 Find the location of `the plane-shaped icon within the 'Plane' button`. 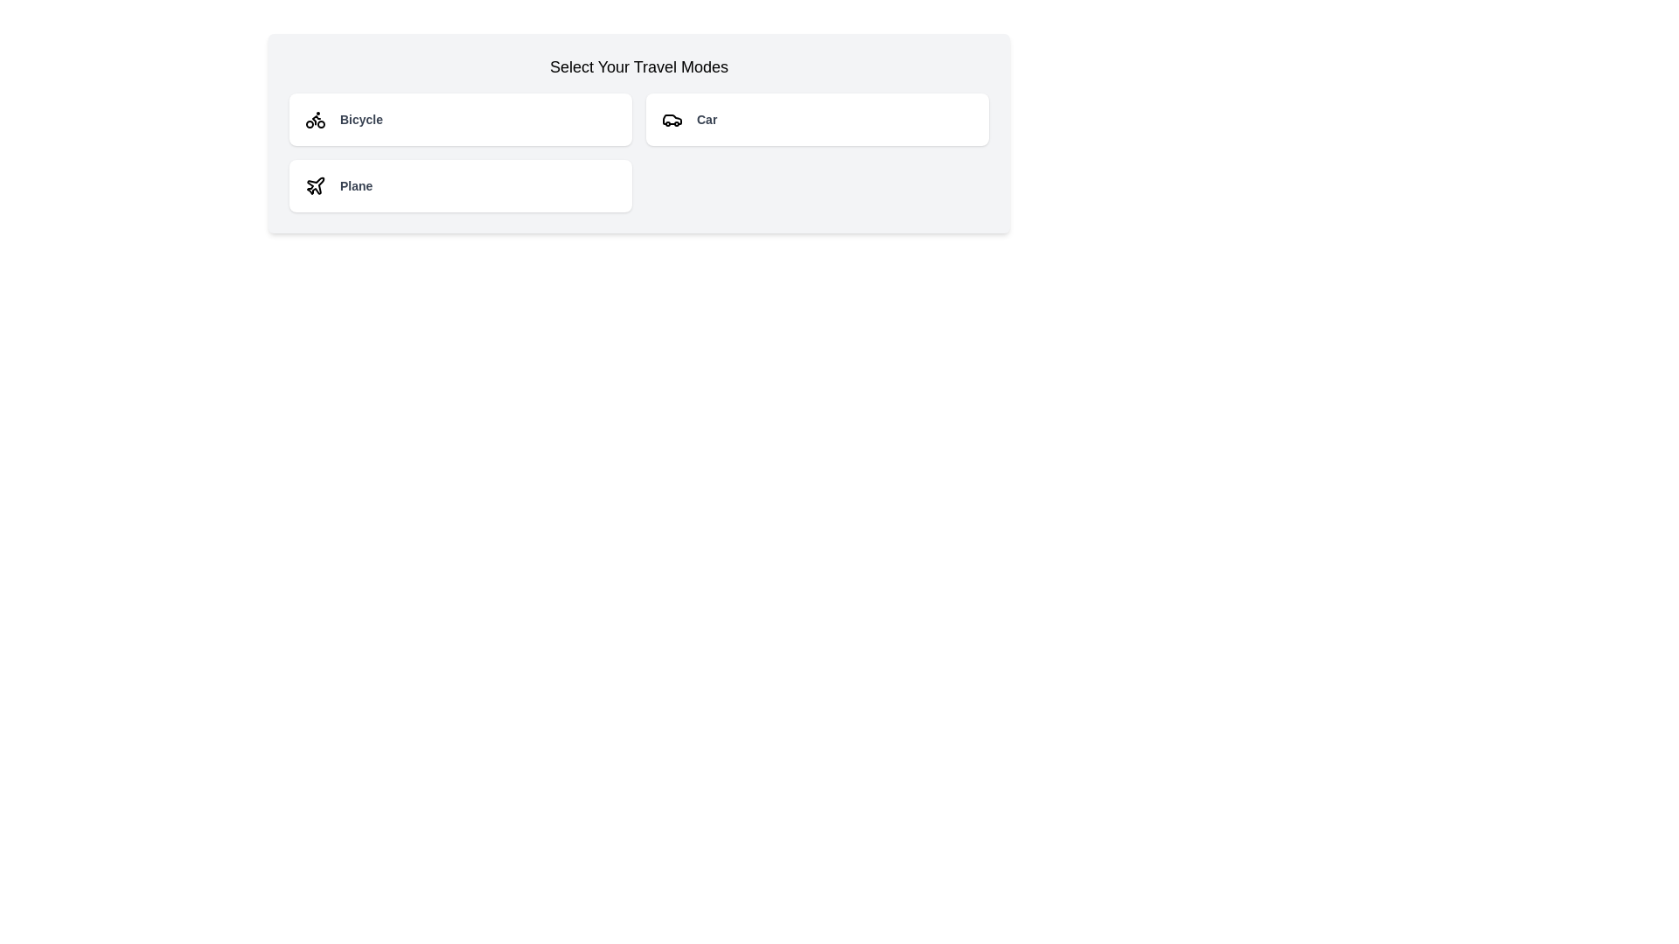

the plane-shaped icon within the 'Plane' button is located at coordinates (316, 185).